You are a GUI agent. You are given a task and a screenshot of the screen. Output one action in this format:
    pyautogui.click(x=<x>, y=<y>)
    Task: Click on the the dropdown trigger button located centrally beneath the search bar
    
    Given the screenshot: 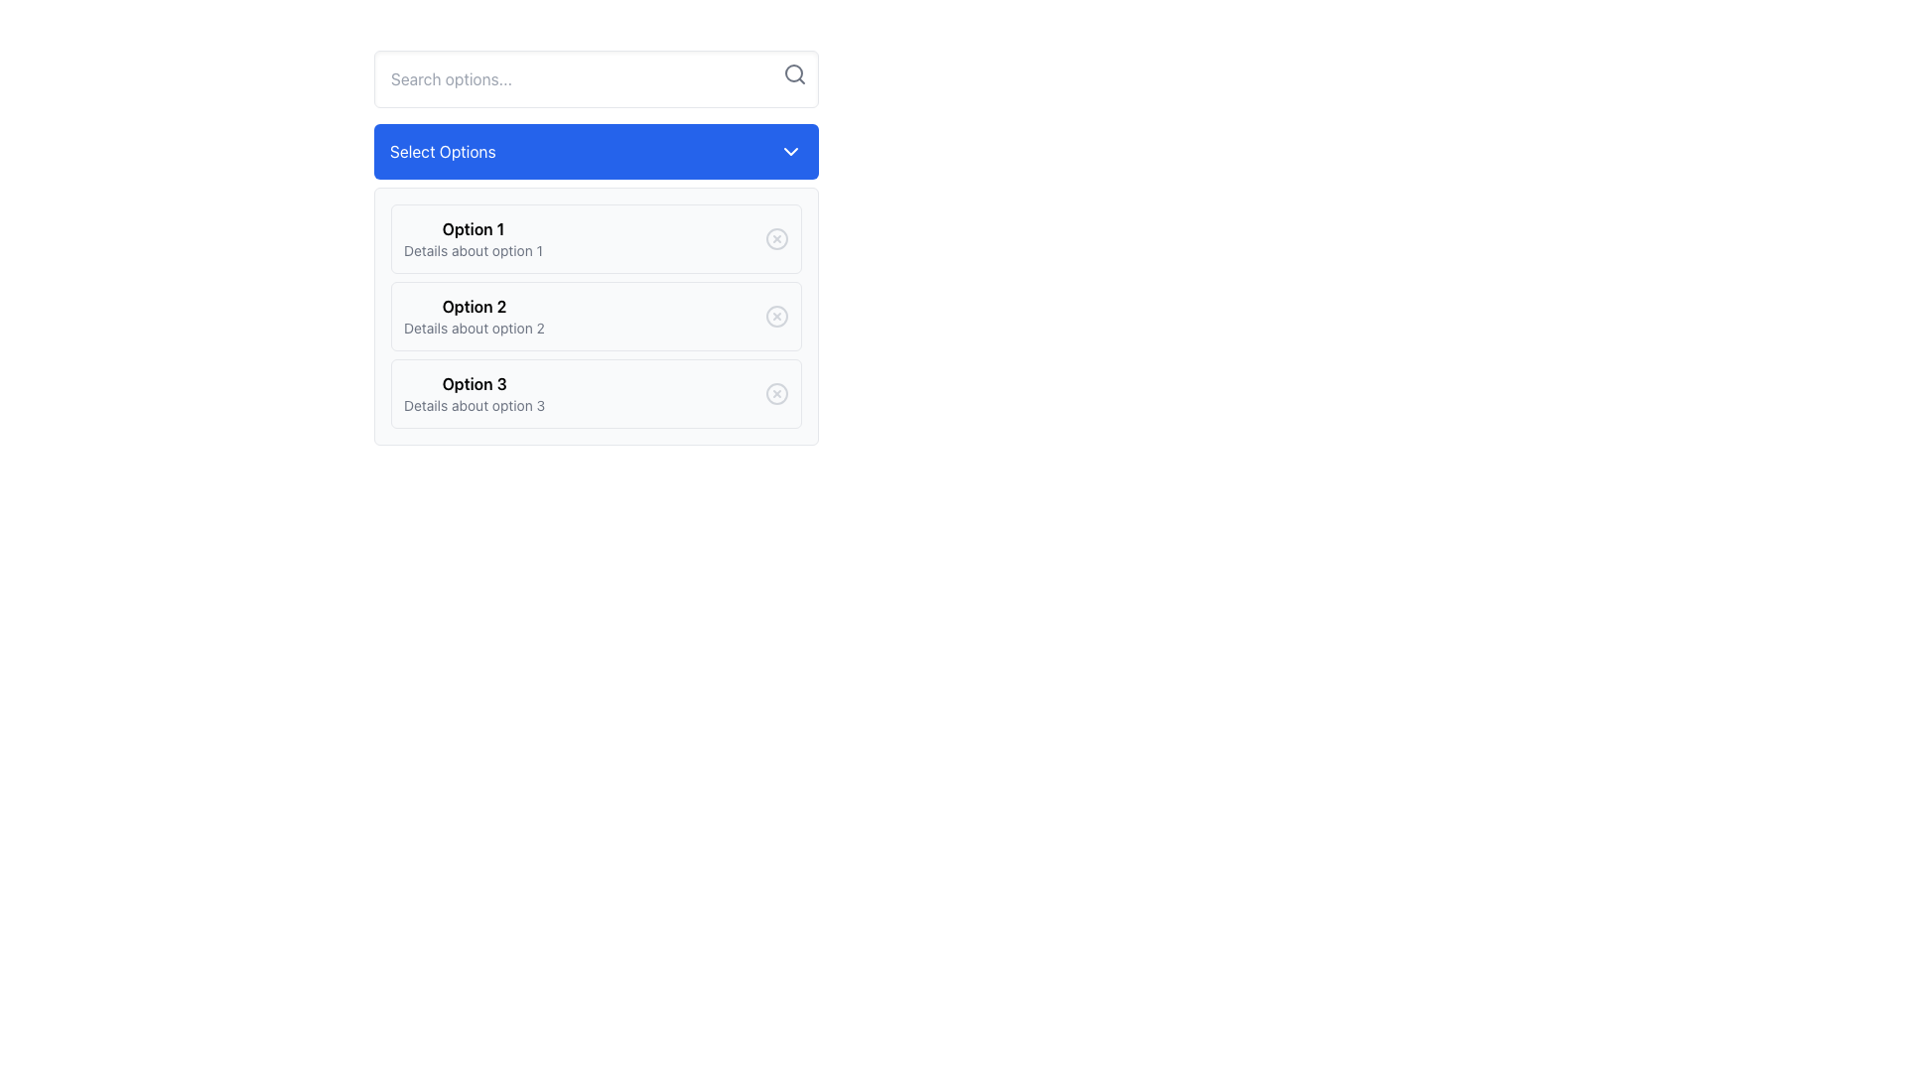 What is the action you would take?
    pyautogui.click(x=595, y=151)
    